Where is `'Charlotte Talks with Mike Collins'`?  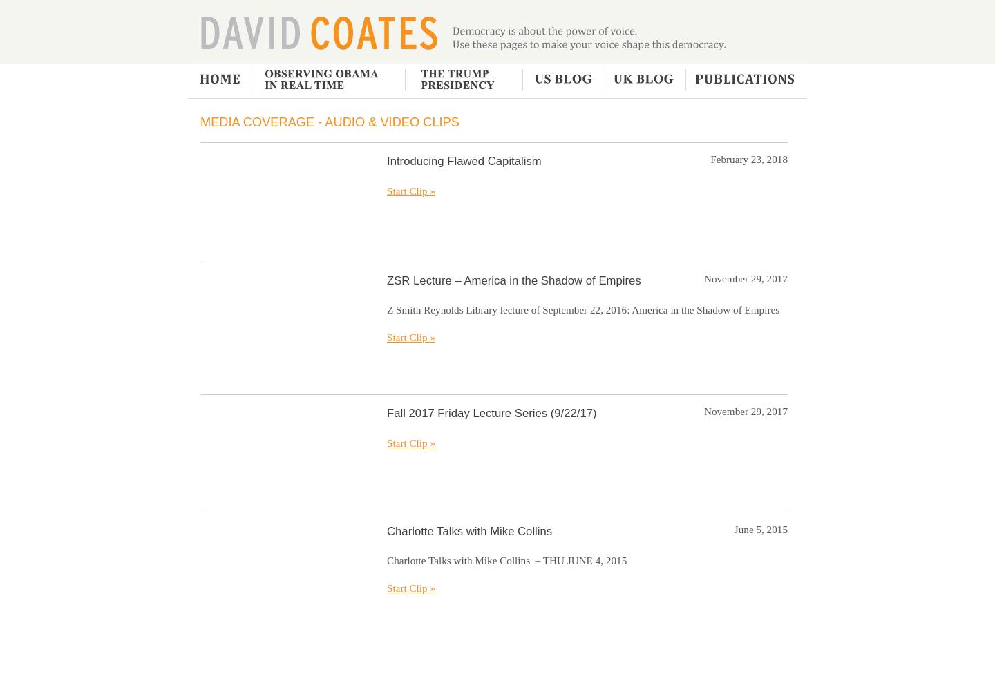 'Charlotte Talks with Mike Collins' is located at coordinates (469, 530).